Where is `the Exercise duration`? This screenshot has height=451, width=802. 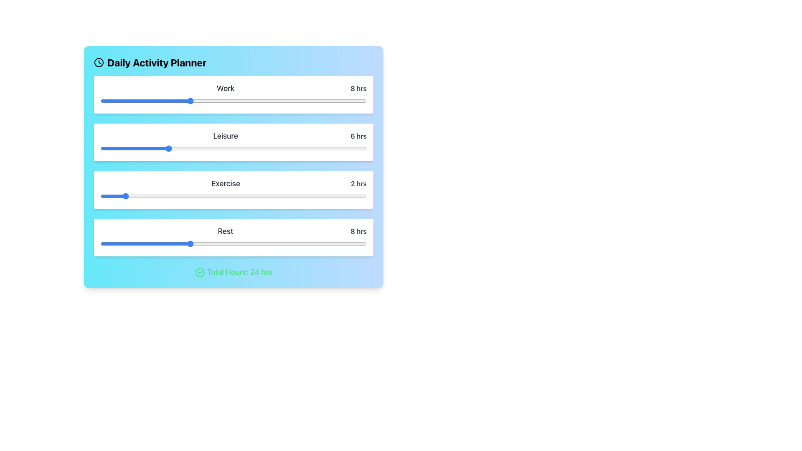 the Exercise duration is located at coordinates (244, 196).